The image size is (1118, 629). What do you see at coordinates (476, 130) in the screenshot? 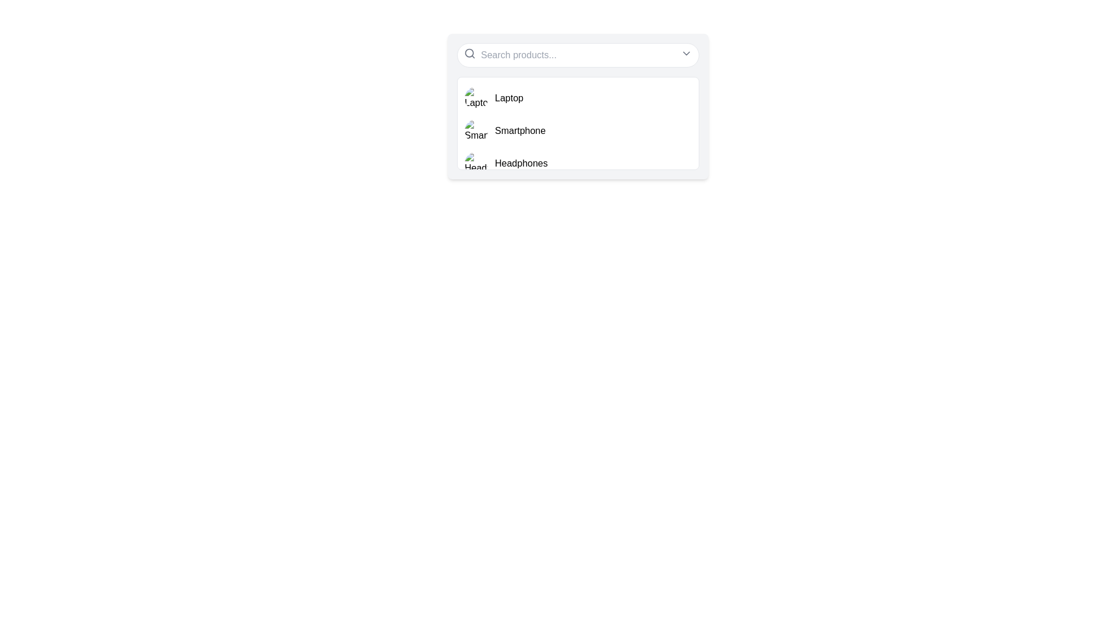
I see `the image representing the 'Smartphone' option in the dropdown list` at bounding box center [476, 130].